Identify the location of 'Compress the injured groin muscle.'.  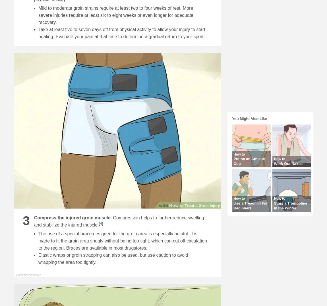
(72, 217).